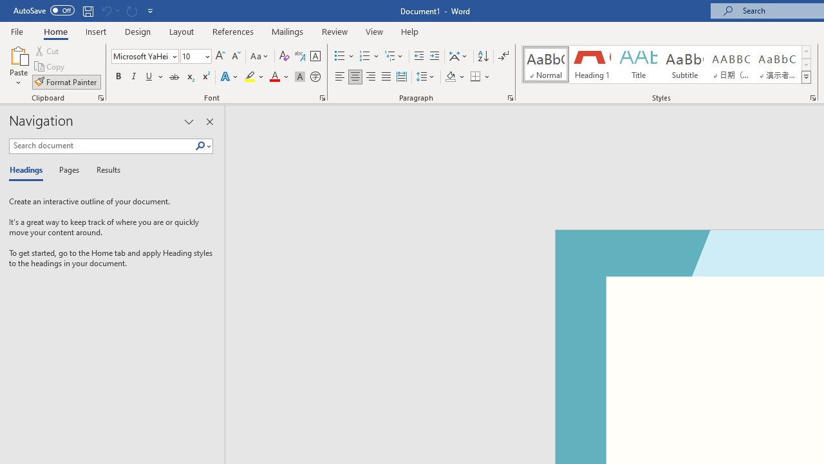  What do you see at coordinates (17, 30) in the screenshot?
I see `'File Tab'` at bounding box center [17, 30].